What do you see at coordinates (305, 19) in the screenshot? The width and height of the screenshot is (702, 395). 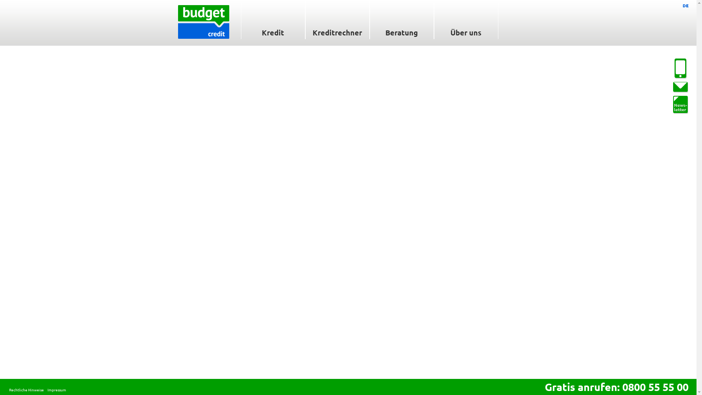 I see `'Kreditrechner'` at bounding box center [305, 19].